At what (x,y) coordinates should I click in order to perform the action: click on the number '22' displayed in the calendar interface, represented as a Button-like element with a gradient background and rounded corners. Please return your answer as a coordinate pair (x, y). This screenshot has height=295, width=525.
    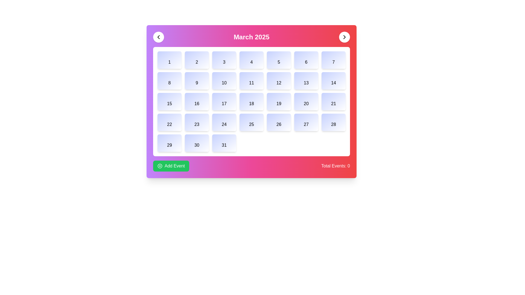
    Looking at the image, I should click on (169, 122).